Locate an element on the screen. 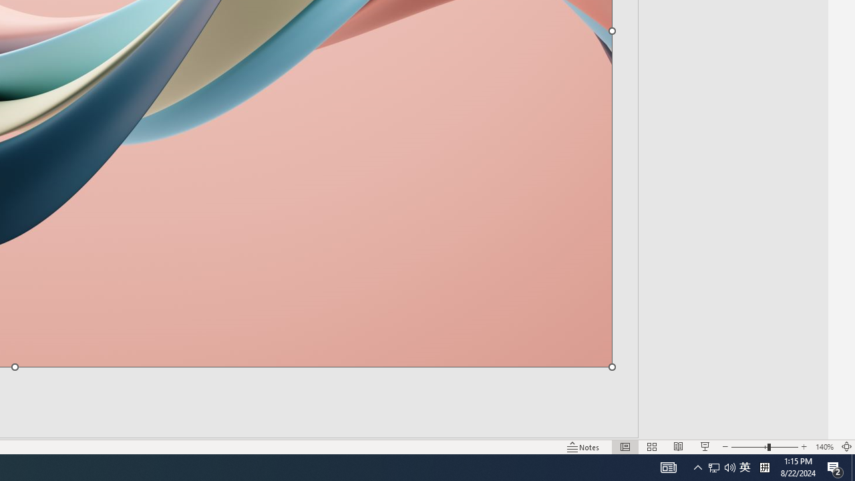 The height and width of the screenshot is (481, 855). 'Zoom In' is located at coordinates (804, 447).